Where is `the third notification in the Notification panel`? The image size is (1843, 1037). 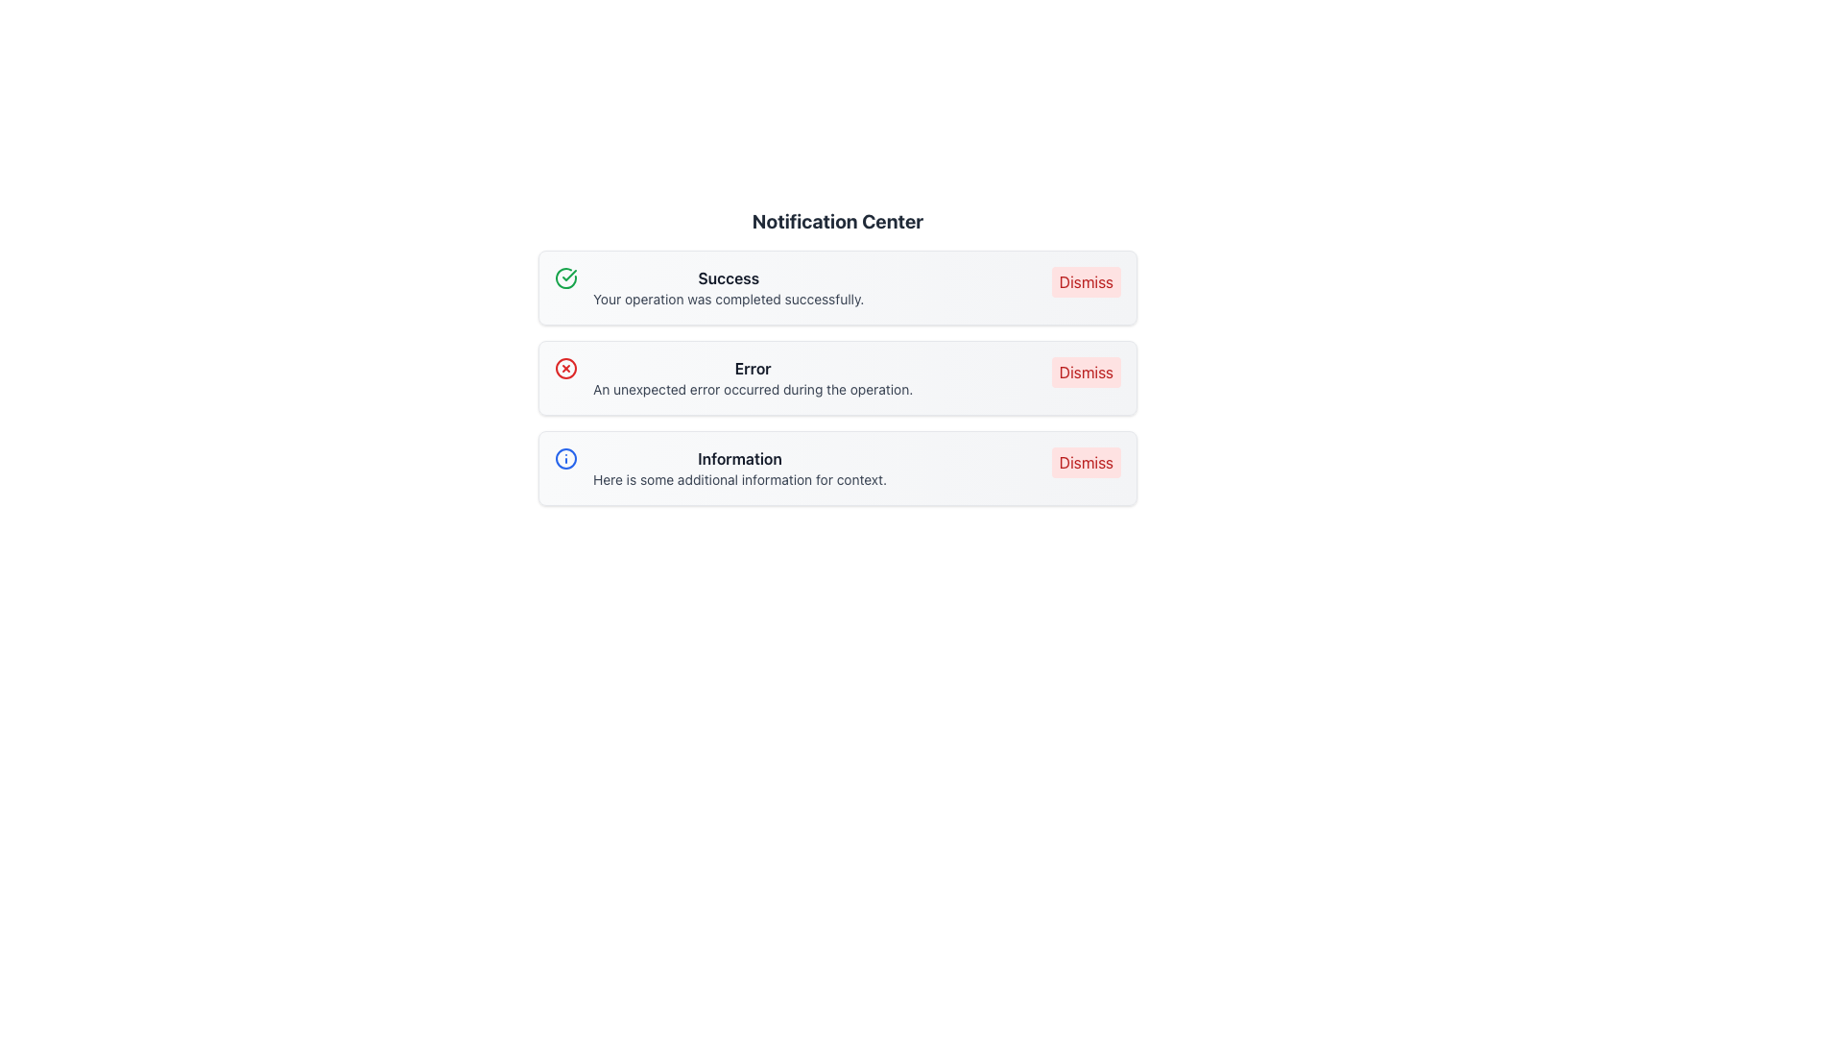 the third notification in the Notification panel is located at coordinates (838, 469).